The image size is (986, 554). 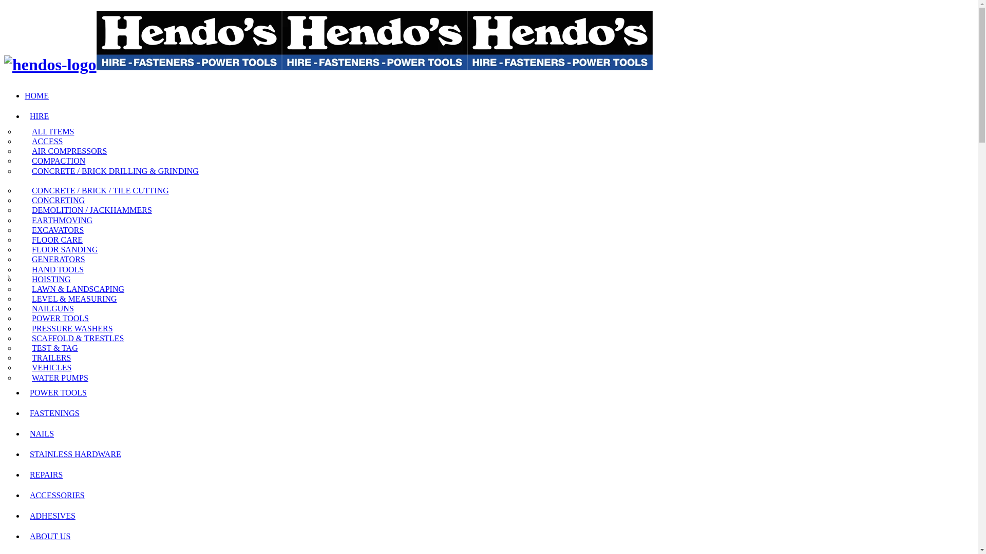 I want to click on 'GENERATORS', so click(x=55, y=259).